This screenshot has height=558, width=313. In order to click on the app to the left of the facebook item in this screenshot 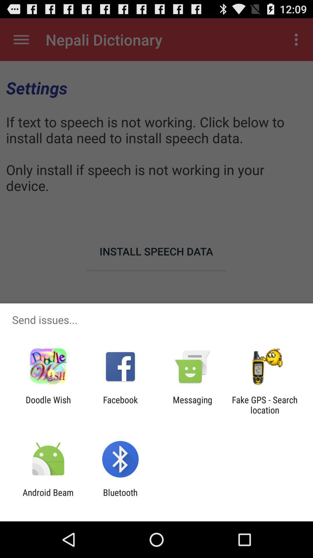, I will do `click(48, 405)`.